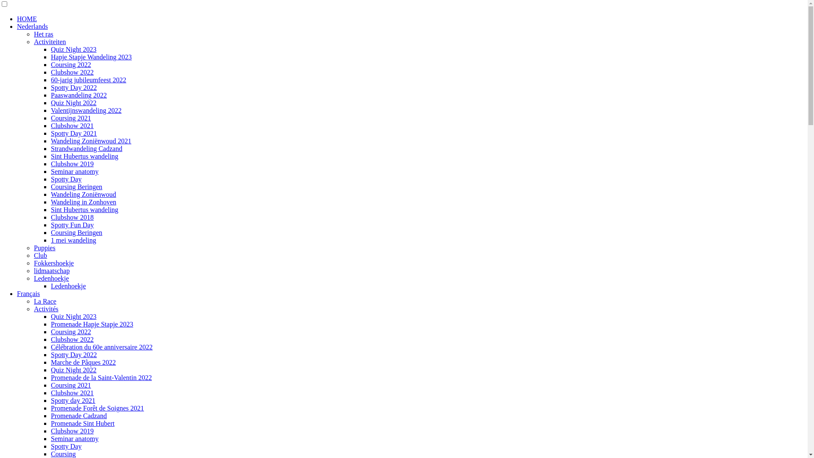 The image size is (814, 458). Describe the element at coordinates (73, 400) in the screenshot. I see `'Spotty day 2021'` at that location.